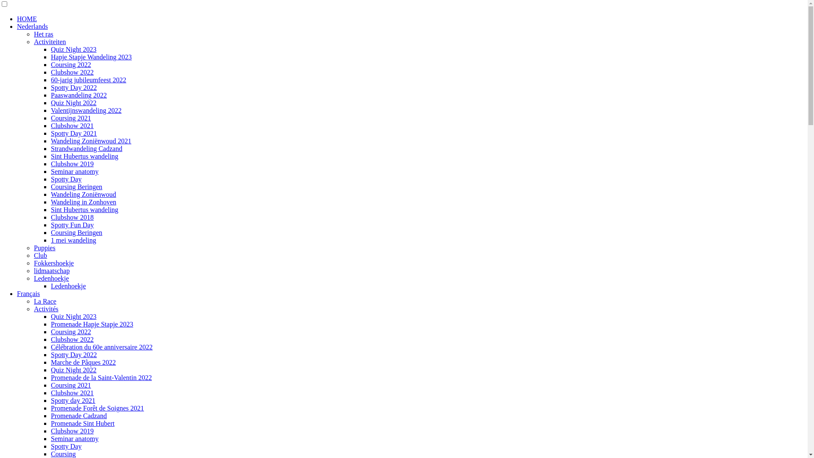 The image size is (814, 458). Describe the element at coordinates (73, 400) in the screenshot. I see `'Spotty day 2021'` at that location.